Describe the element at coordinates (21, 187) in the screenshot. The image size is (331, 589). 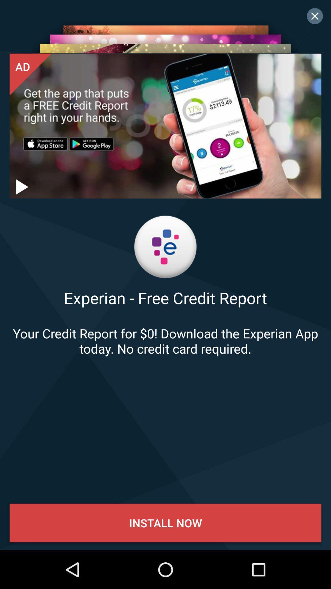
I see `app above experian free credit icon` at that location.